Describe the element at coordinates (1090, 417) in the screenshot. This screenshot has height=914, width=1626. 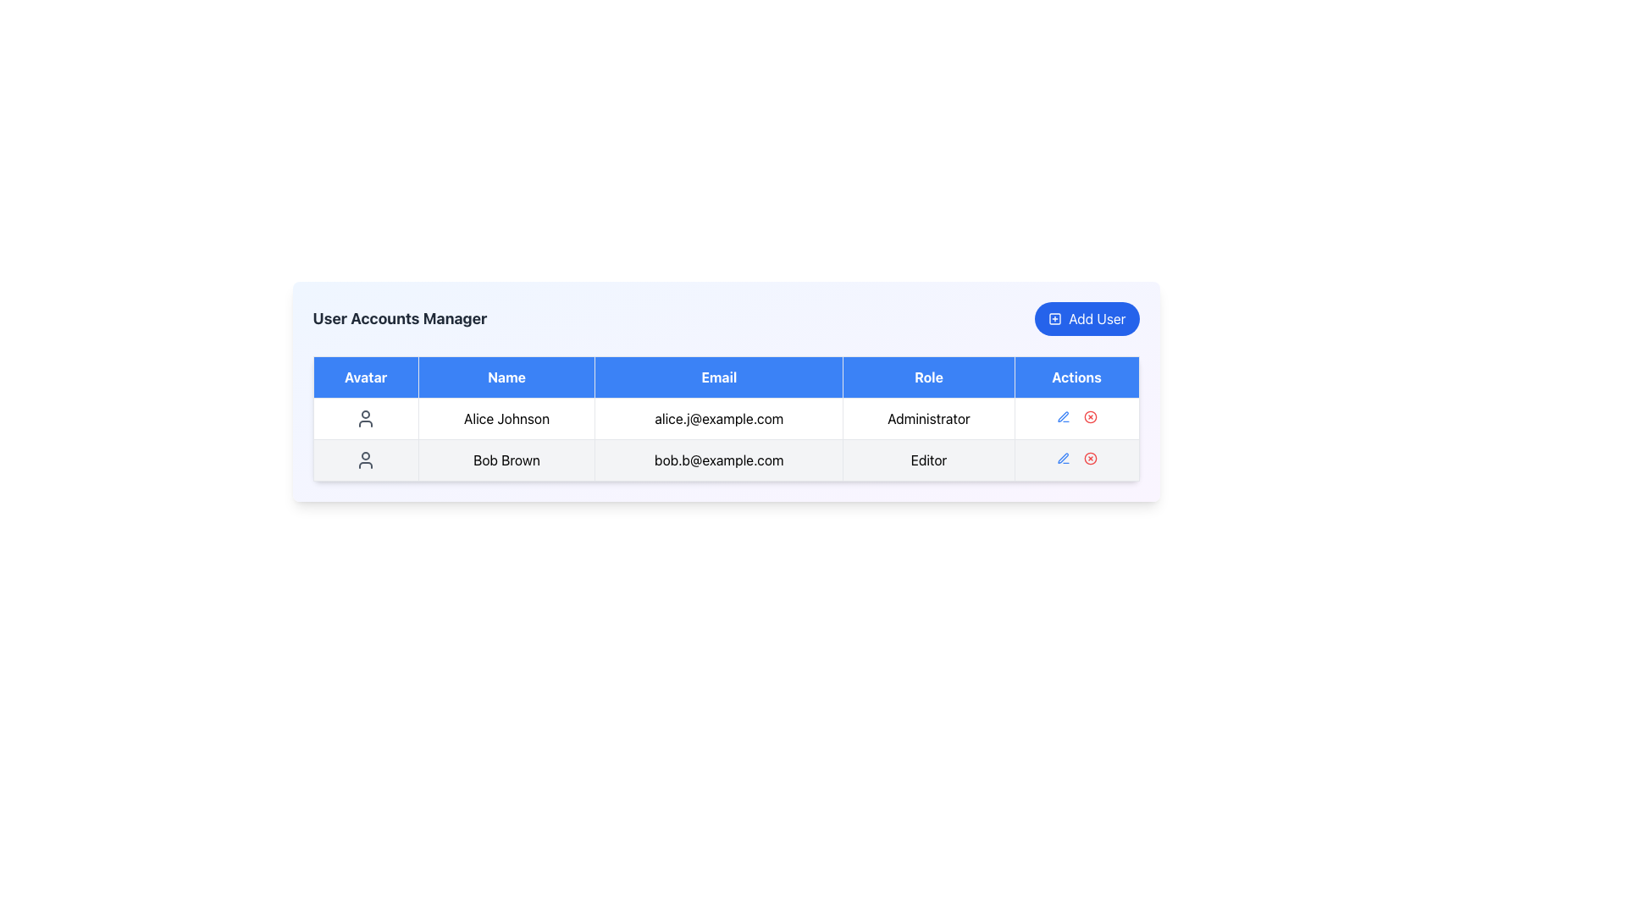
I see `the outlined circular SVG element representing the cancel action in the 'Actions' column of the second row in the user data table` at that location.